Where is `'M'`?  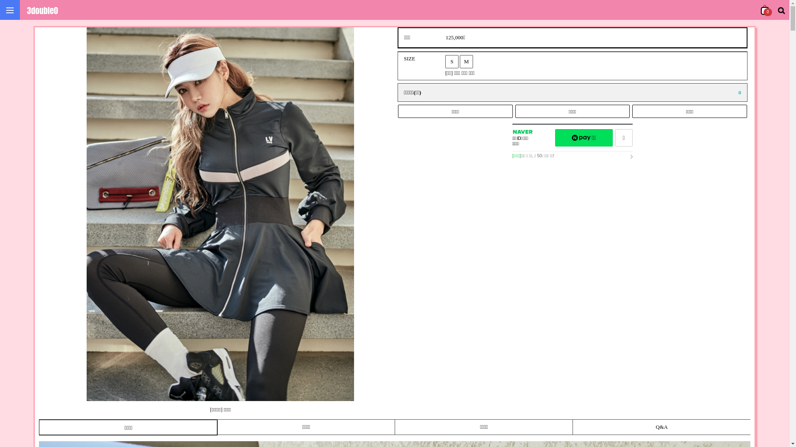
'M' is located at coordinates (459, 61).